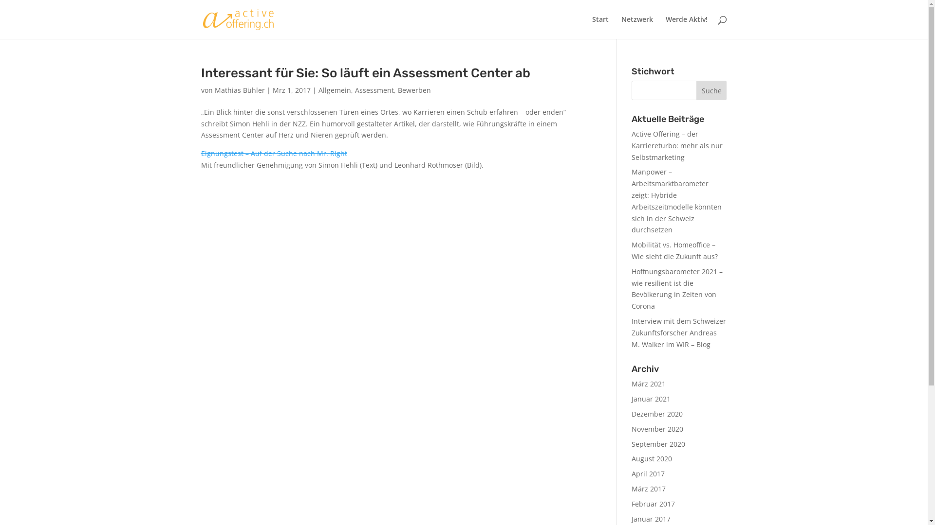 Image resolution: width=935 pixels, height=525 pixels. I want to click on 'Netzwerk', so click(637, 27).